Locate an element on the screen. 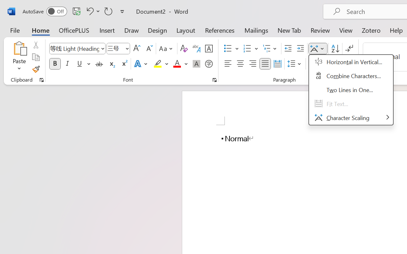 This screenshot has width=407, height=254. 'Subscript' is located at coordinates (111, 64).